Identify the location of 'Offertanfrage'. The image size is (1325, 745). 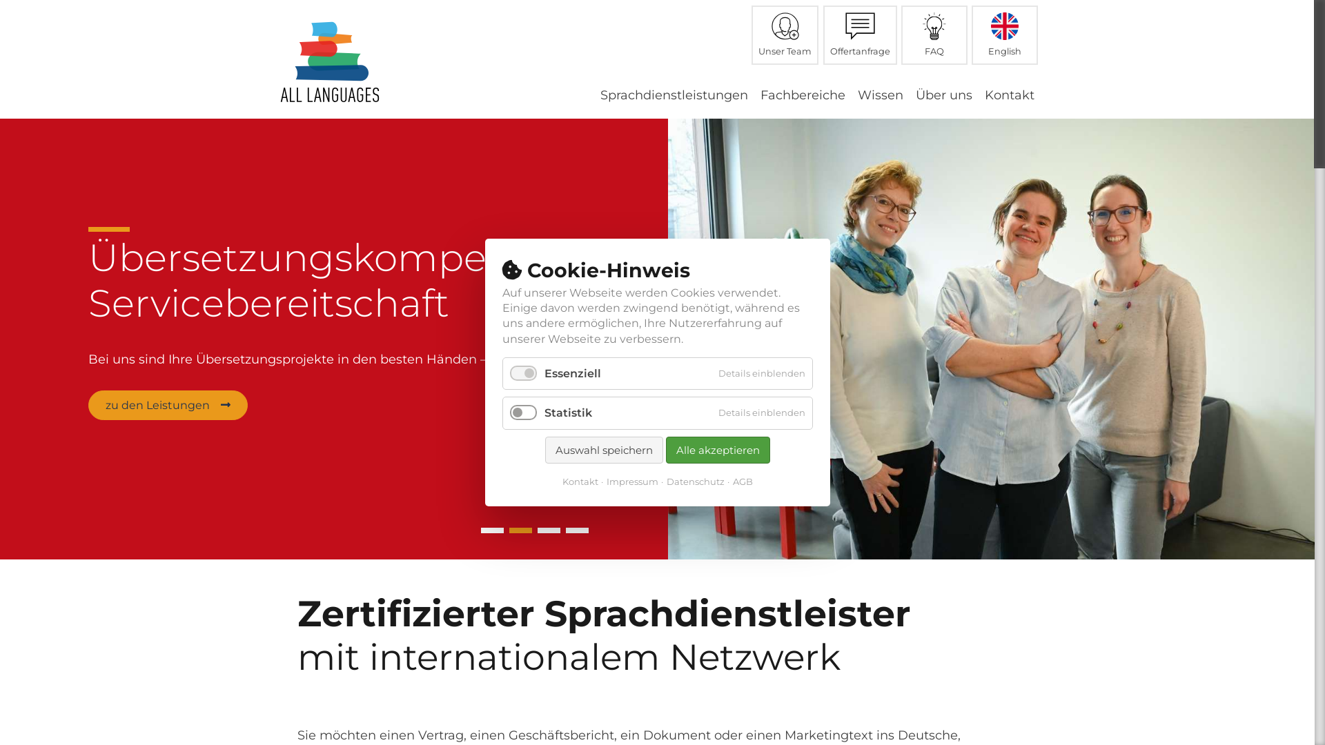
(825, 34).